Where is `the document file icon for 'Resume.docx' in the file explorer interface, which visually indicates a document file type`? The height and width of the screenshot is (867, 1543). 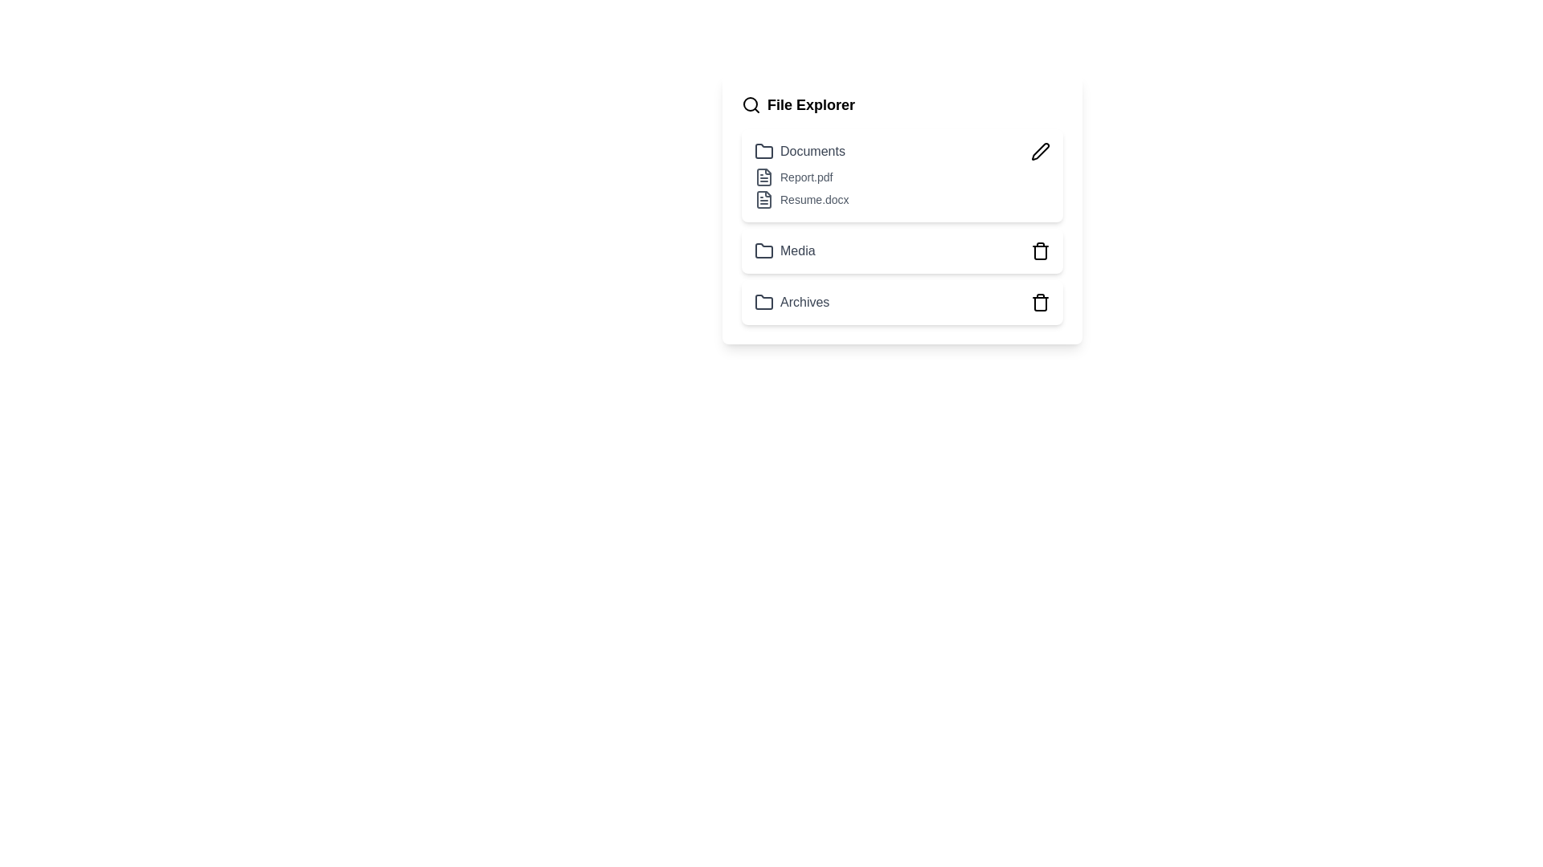
the document file icon for 'Resume.docx' in the file explorer interface, which visually indicates a document file type is located at coordinates (763, 199).